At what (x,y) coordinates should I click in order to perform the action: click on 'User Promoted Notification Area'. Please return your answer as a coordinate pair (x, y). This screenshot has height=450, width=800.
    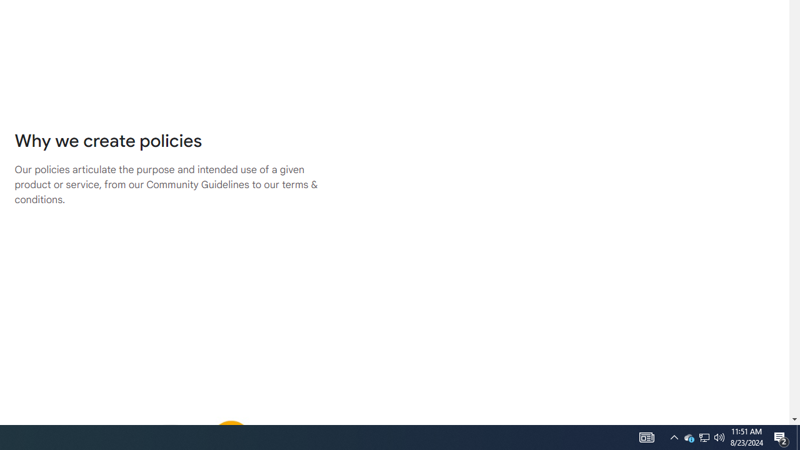
    Looking at the image, I should click on (719, 436).